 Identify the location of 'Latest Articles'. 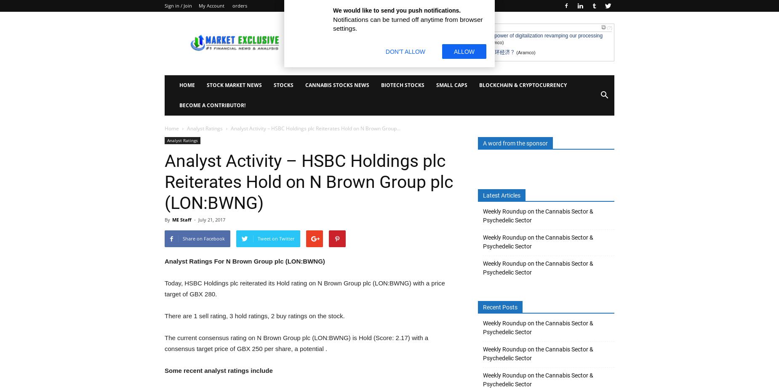
(483, 195).